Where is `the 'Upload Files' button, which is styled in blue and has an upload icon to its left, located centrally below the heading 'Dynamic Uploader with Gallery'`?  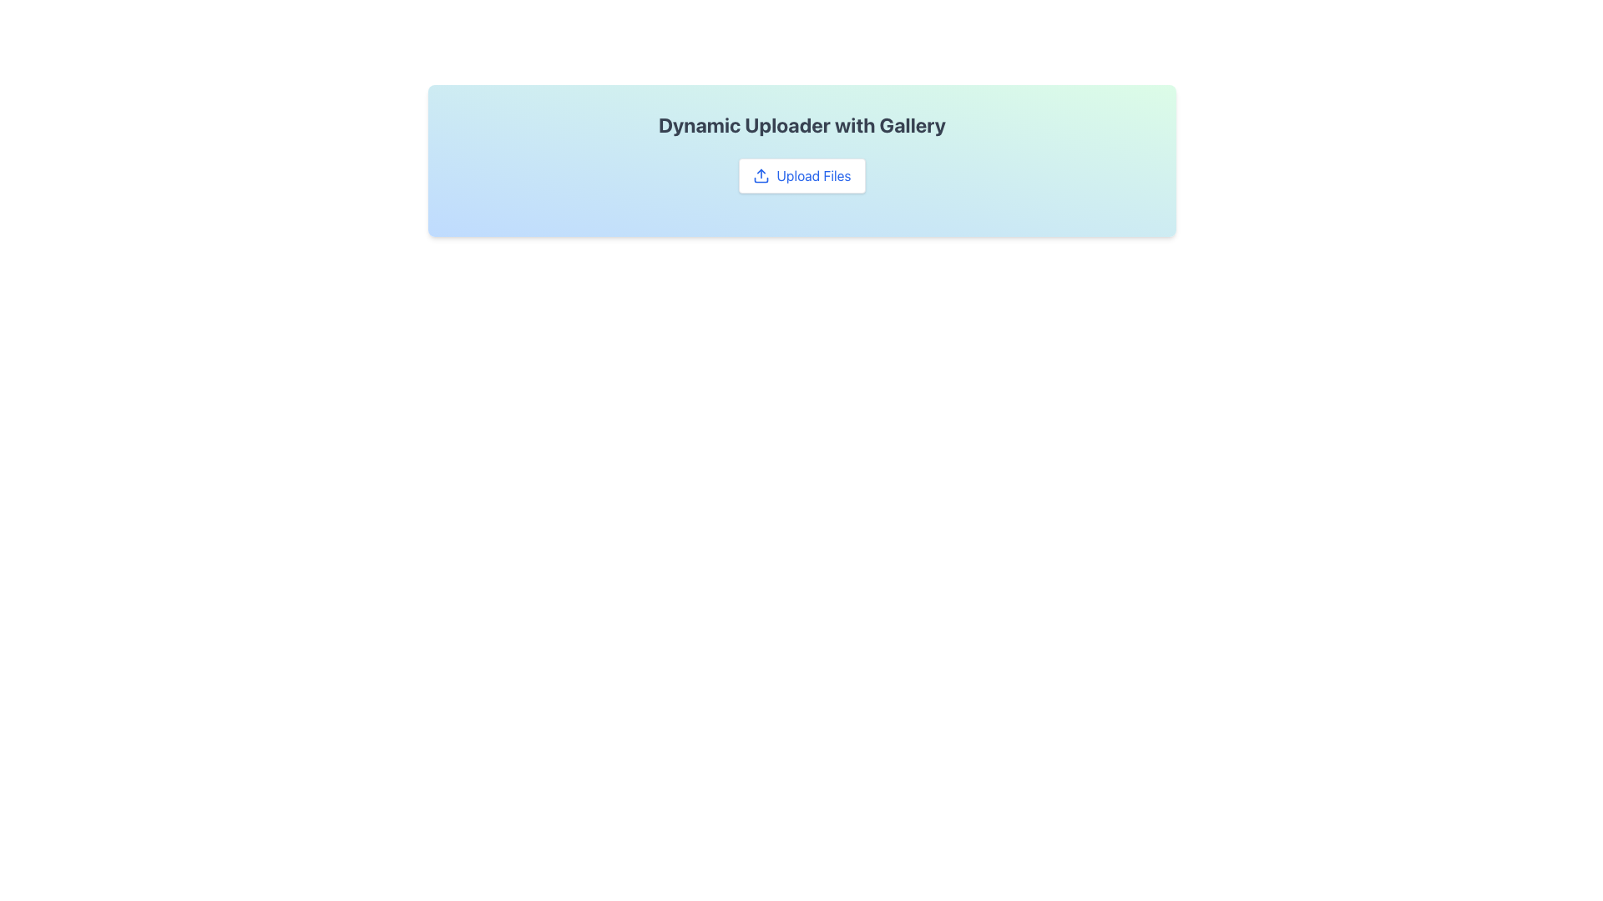
the 'Upload Files' button, which is styled in blue and has an upload icon to its left, located centrally below the heading 'Dynamic Uploader with Gallery' is located at coordinates (801, 176).